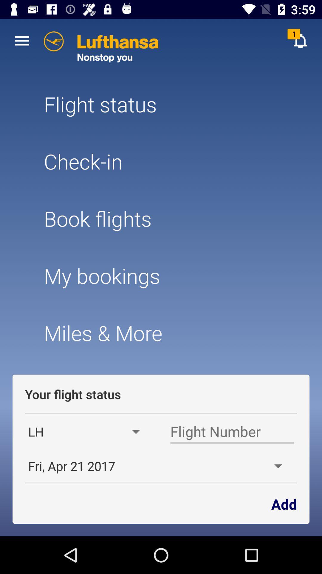 The width and height of the screenshot is (322, 574). Describe the element at coordinates (161, 161) in the screenshot. I see `item below flight status item` at that location.